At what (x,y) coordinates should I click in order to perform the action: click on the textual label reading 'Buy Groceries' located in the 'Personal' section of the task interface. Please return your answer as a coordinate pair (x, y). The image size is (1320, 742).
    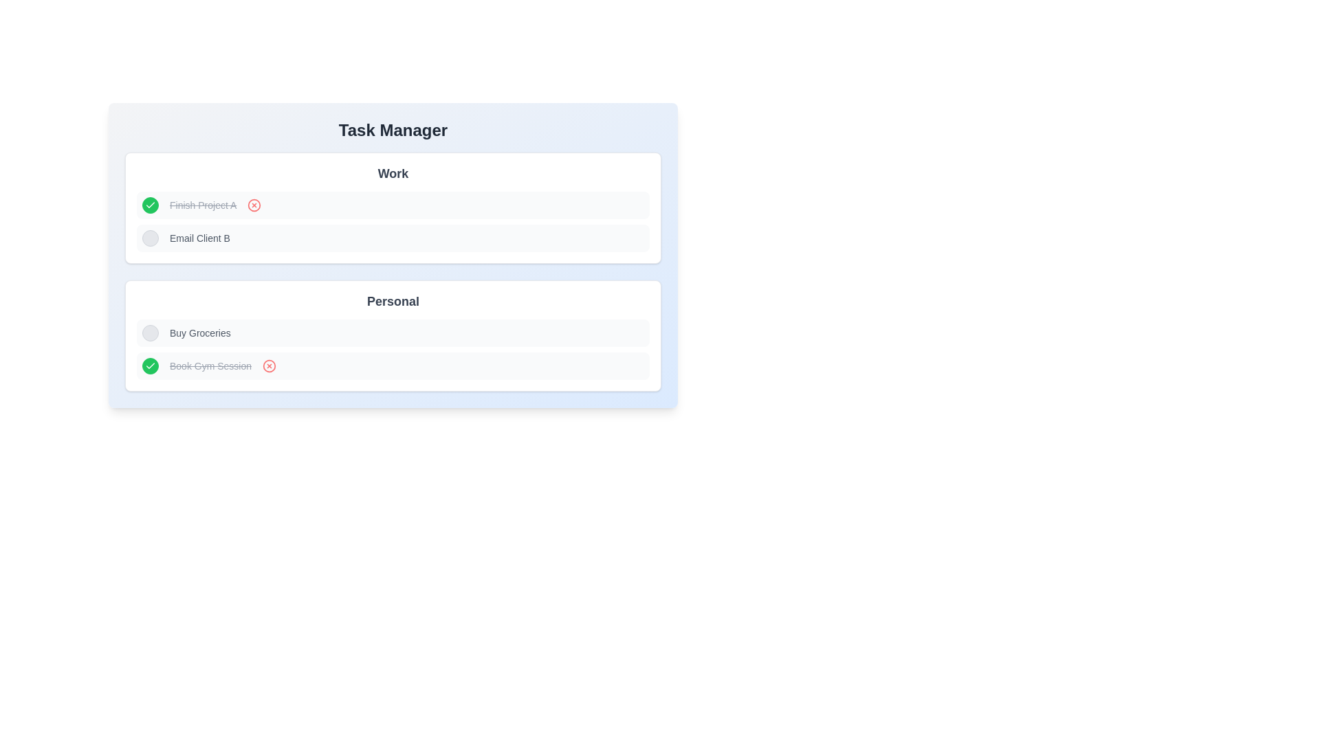
    Looking at the image, I should click on (199, 333).